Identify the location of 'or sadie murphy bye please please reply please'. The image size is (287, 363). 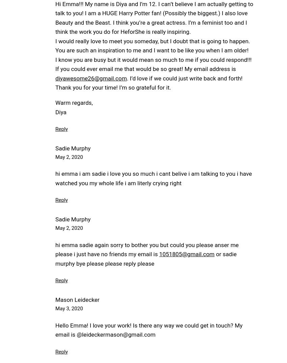
(55, 258).